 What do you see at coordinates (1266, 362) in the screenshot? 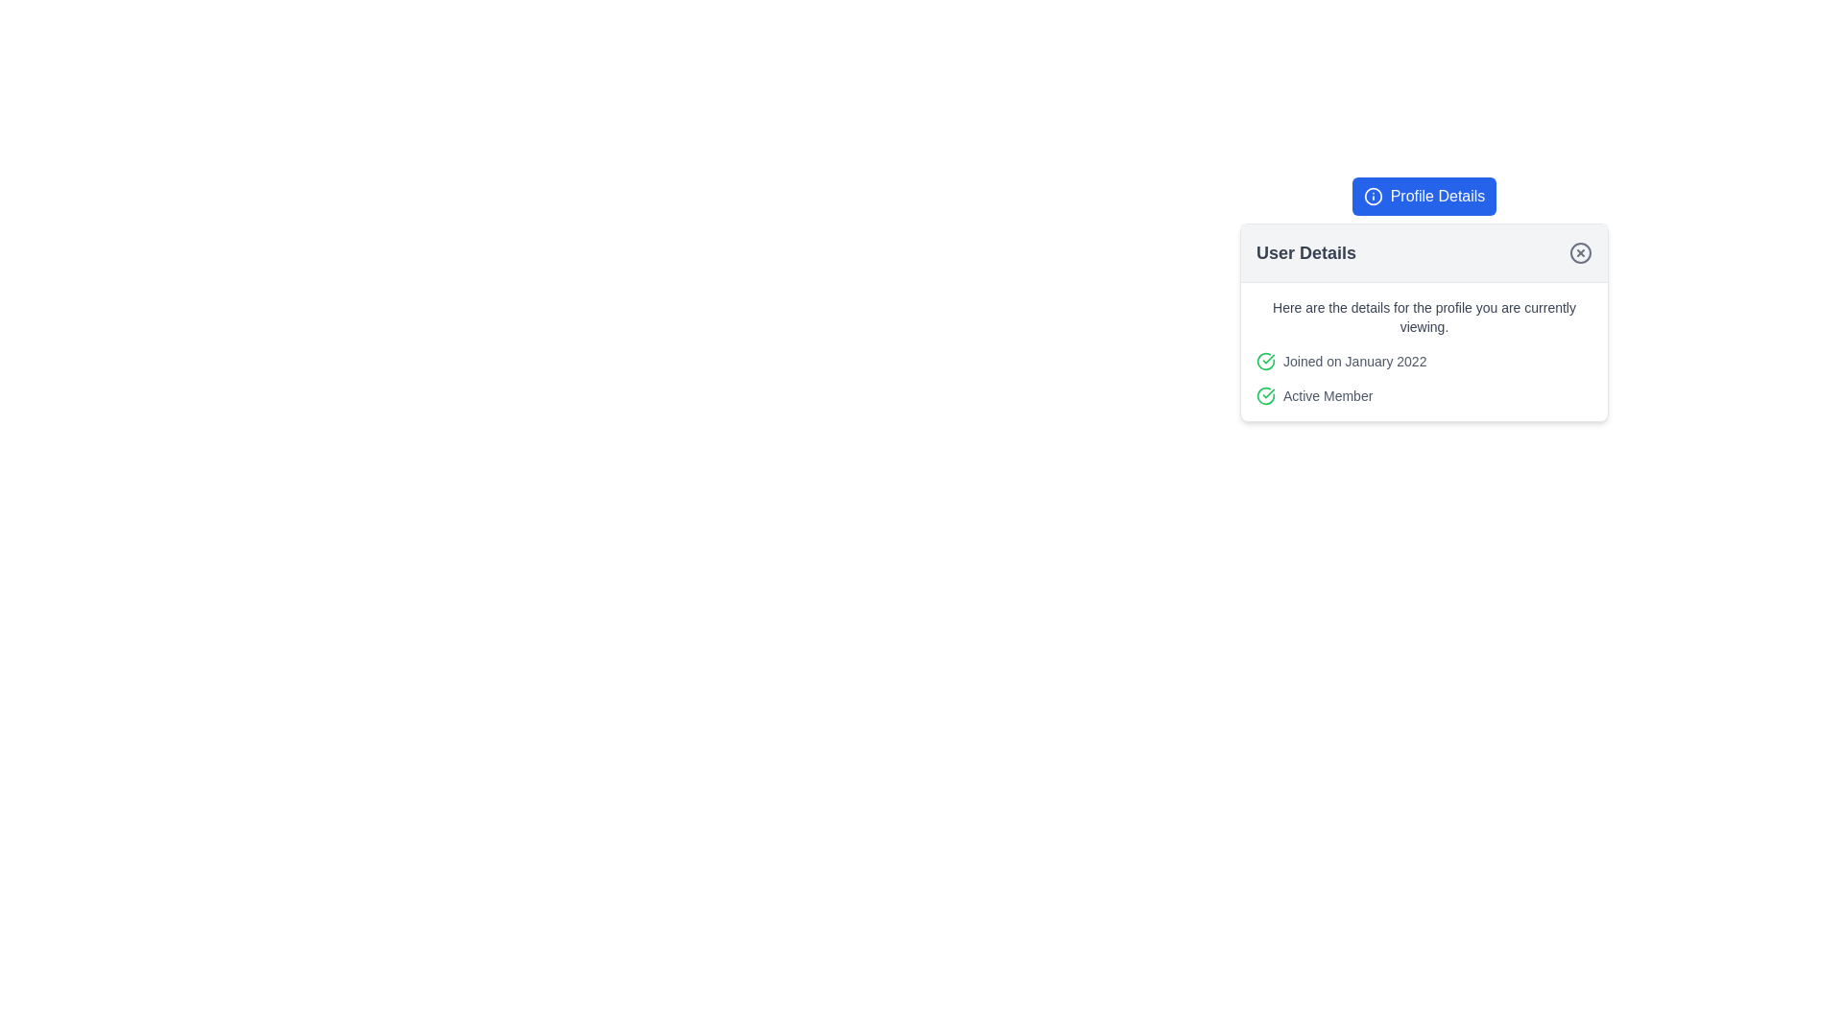
I see `the verification icon located to the left of the text 'Joined on January 2022' in the 'User Details' section` at bounding box center [1266, 362].